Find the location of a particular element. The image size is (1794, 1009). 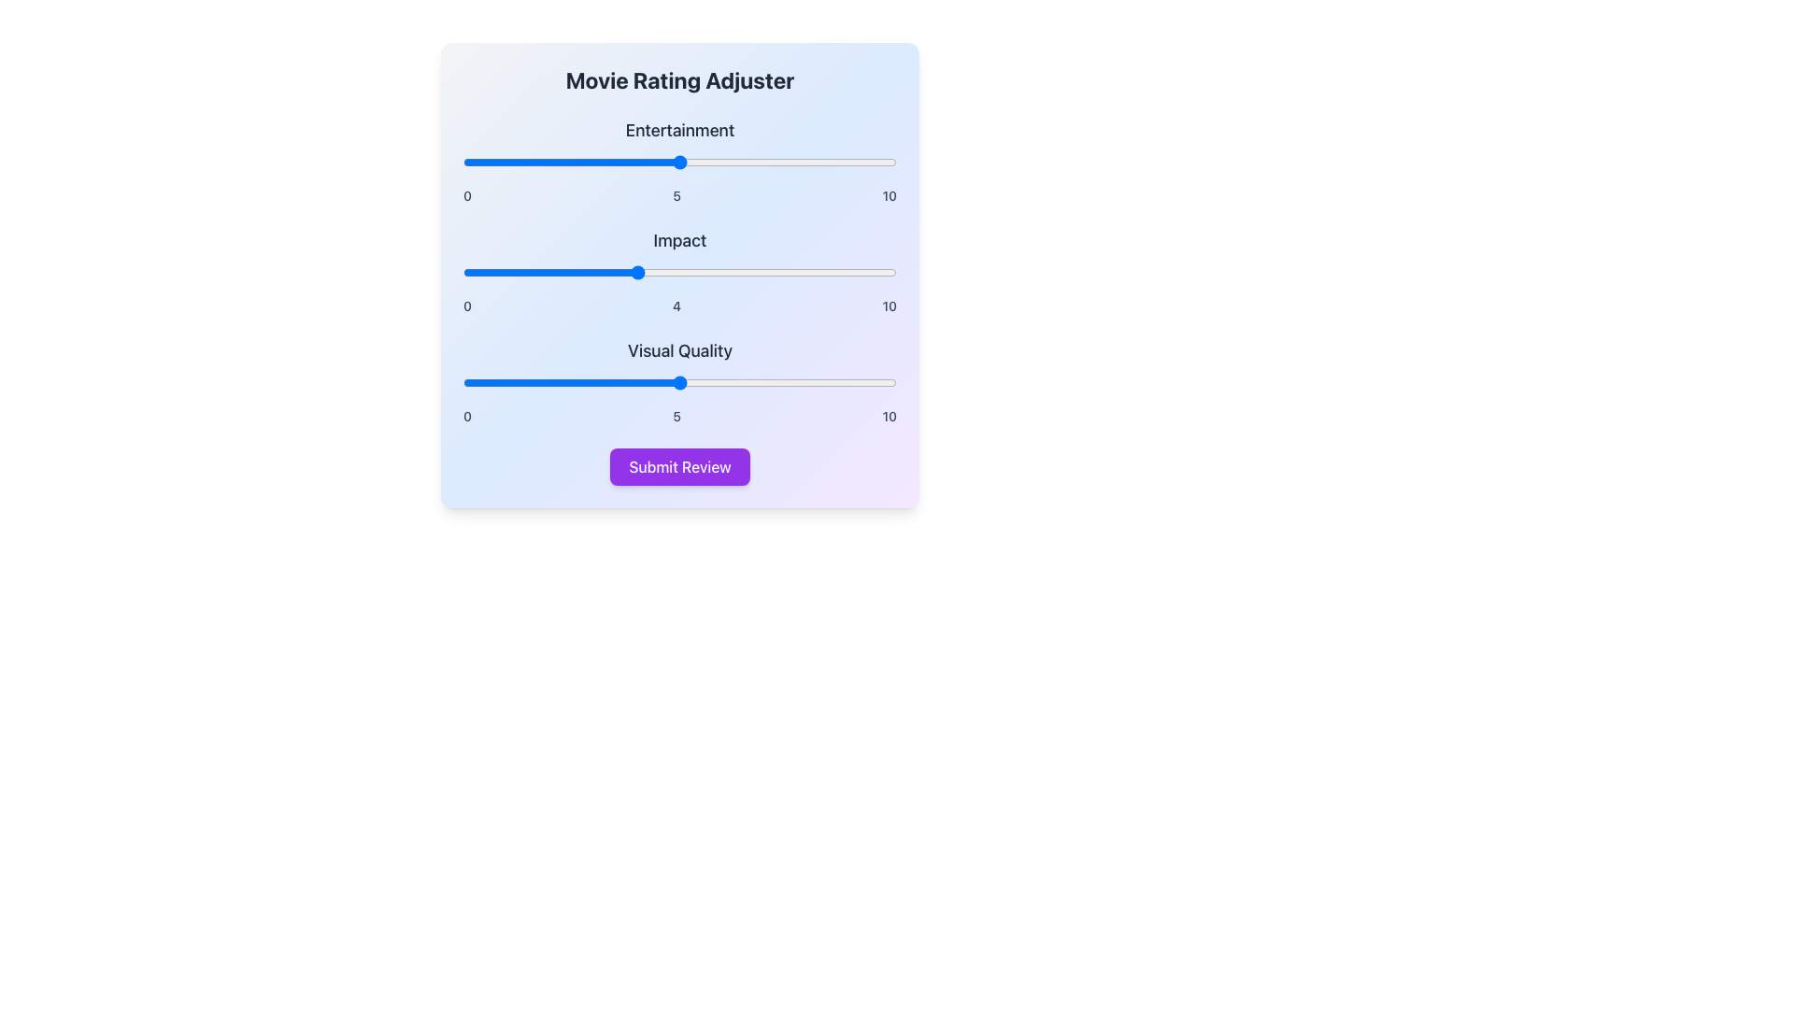

Entertainment rating is located at coordinates (810, 161).